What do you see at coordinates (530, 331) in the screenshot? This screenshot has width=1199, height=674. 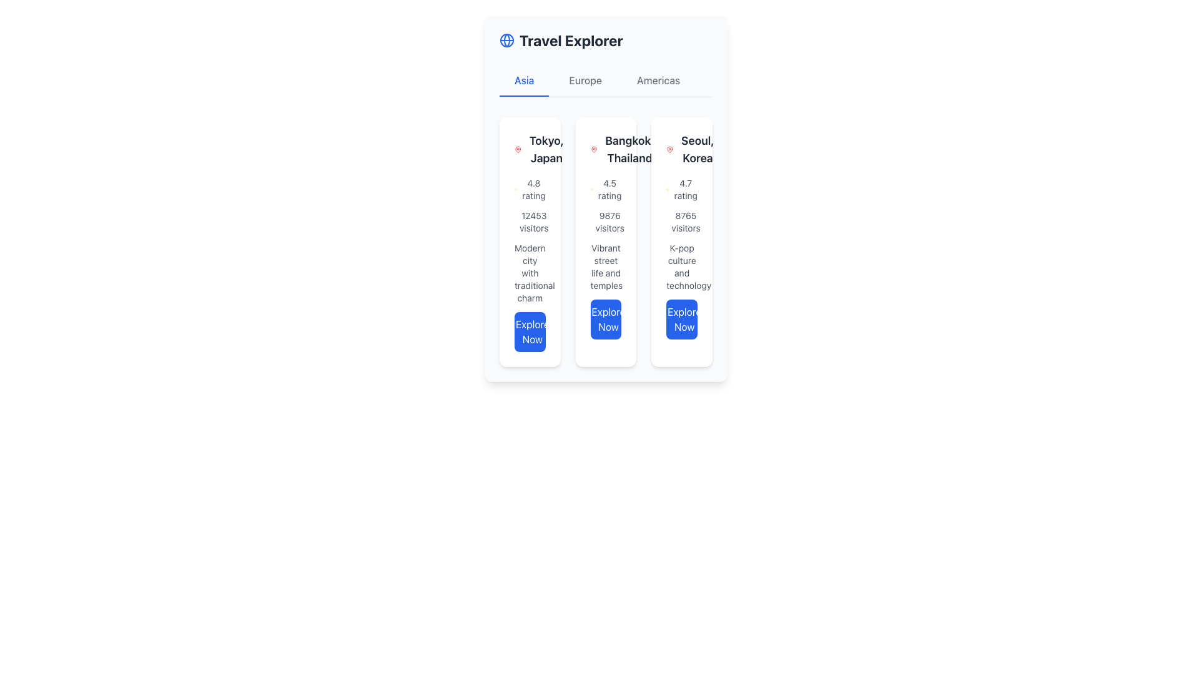 I see `the 'Explore Now' button with rounded corners and blue background located beneath the text 'Modern city with traditional charm' to observe hover effects` at bounding box center [530, 331].